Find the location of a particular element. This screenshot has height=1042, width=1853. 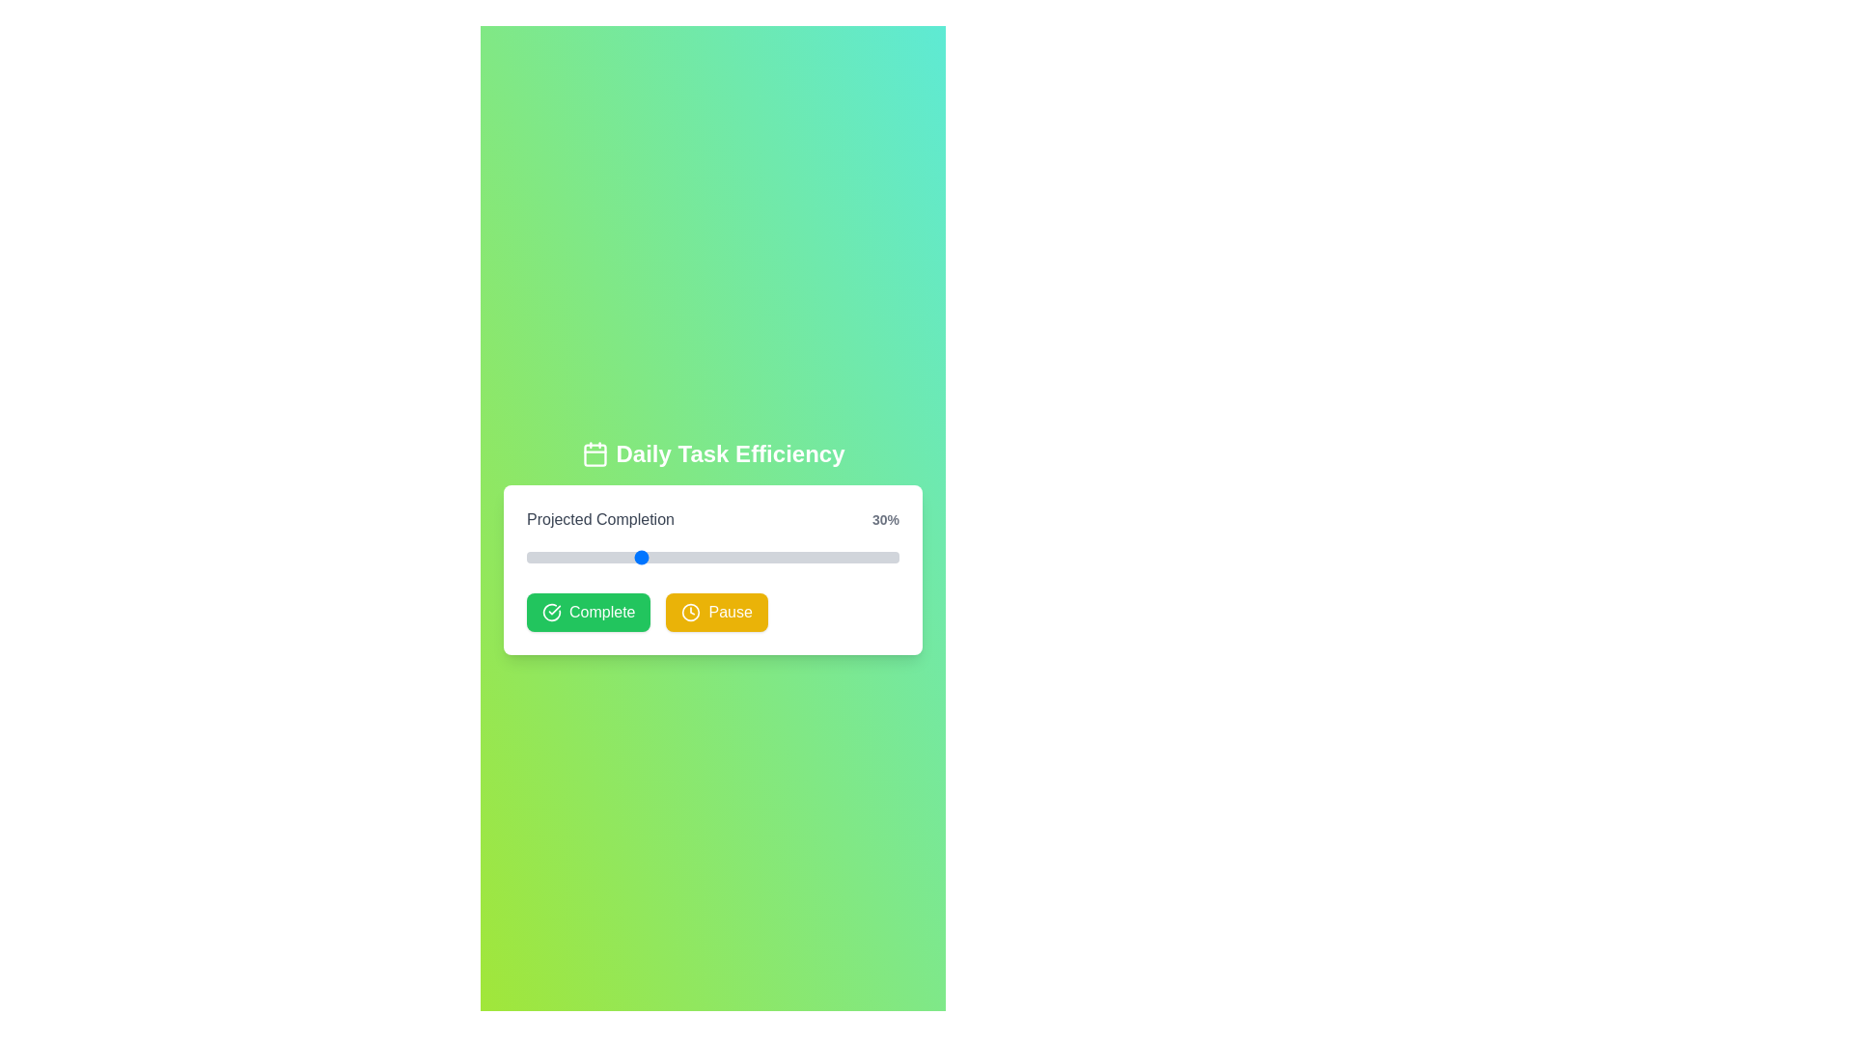

the slider to set the progress to 68% is located at coordinates (780, 558).